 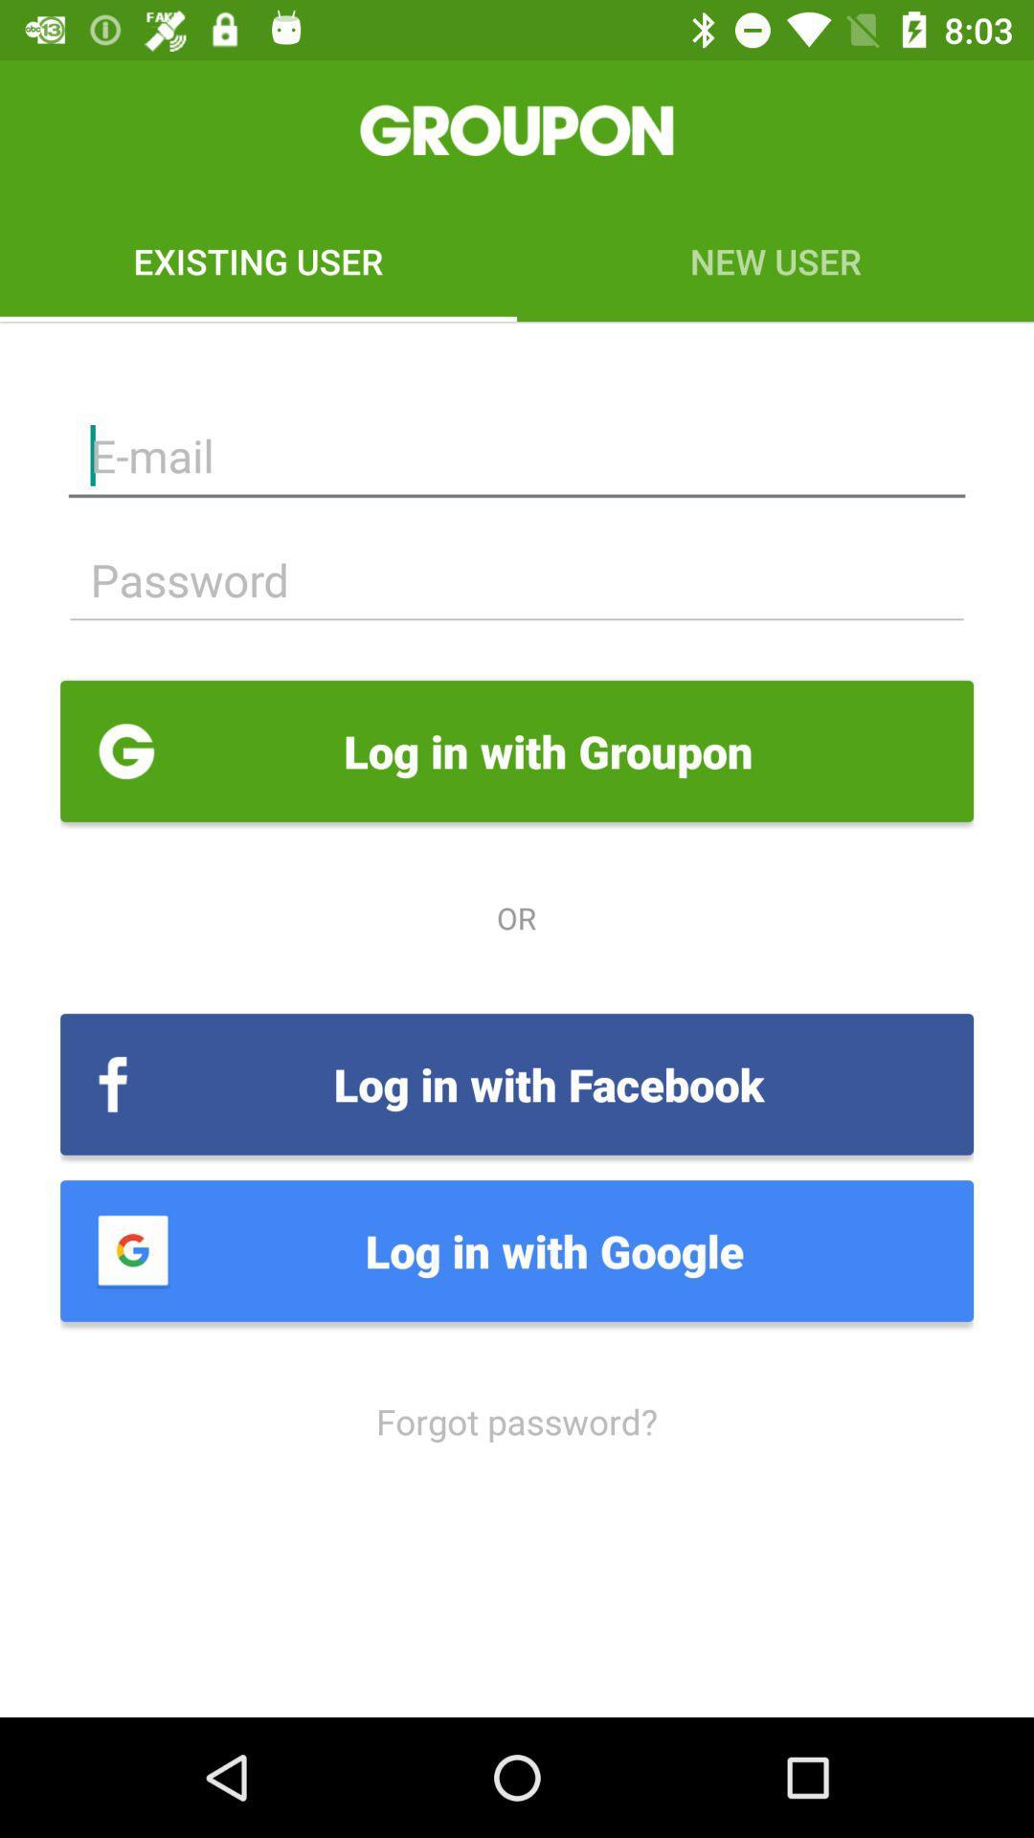 What do you see at coordinates (517, 1421) in the screenshot?
I see `item below log in with item` at bounding box center [517, 1421].